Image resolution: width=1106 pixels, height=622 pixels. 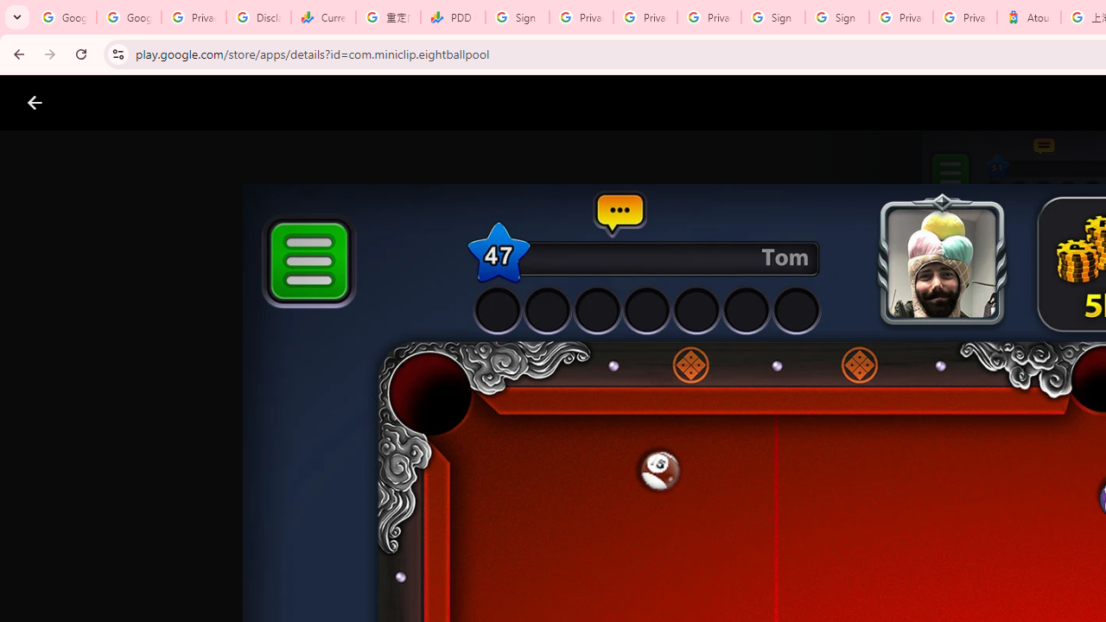 What do you see at coordinates (453, 17) in the screenshot?
I see `'PDD Holdings Inc - ADR (PDD) Price & News - Google Finance'` at bounding box center [453, 17].